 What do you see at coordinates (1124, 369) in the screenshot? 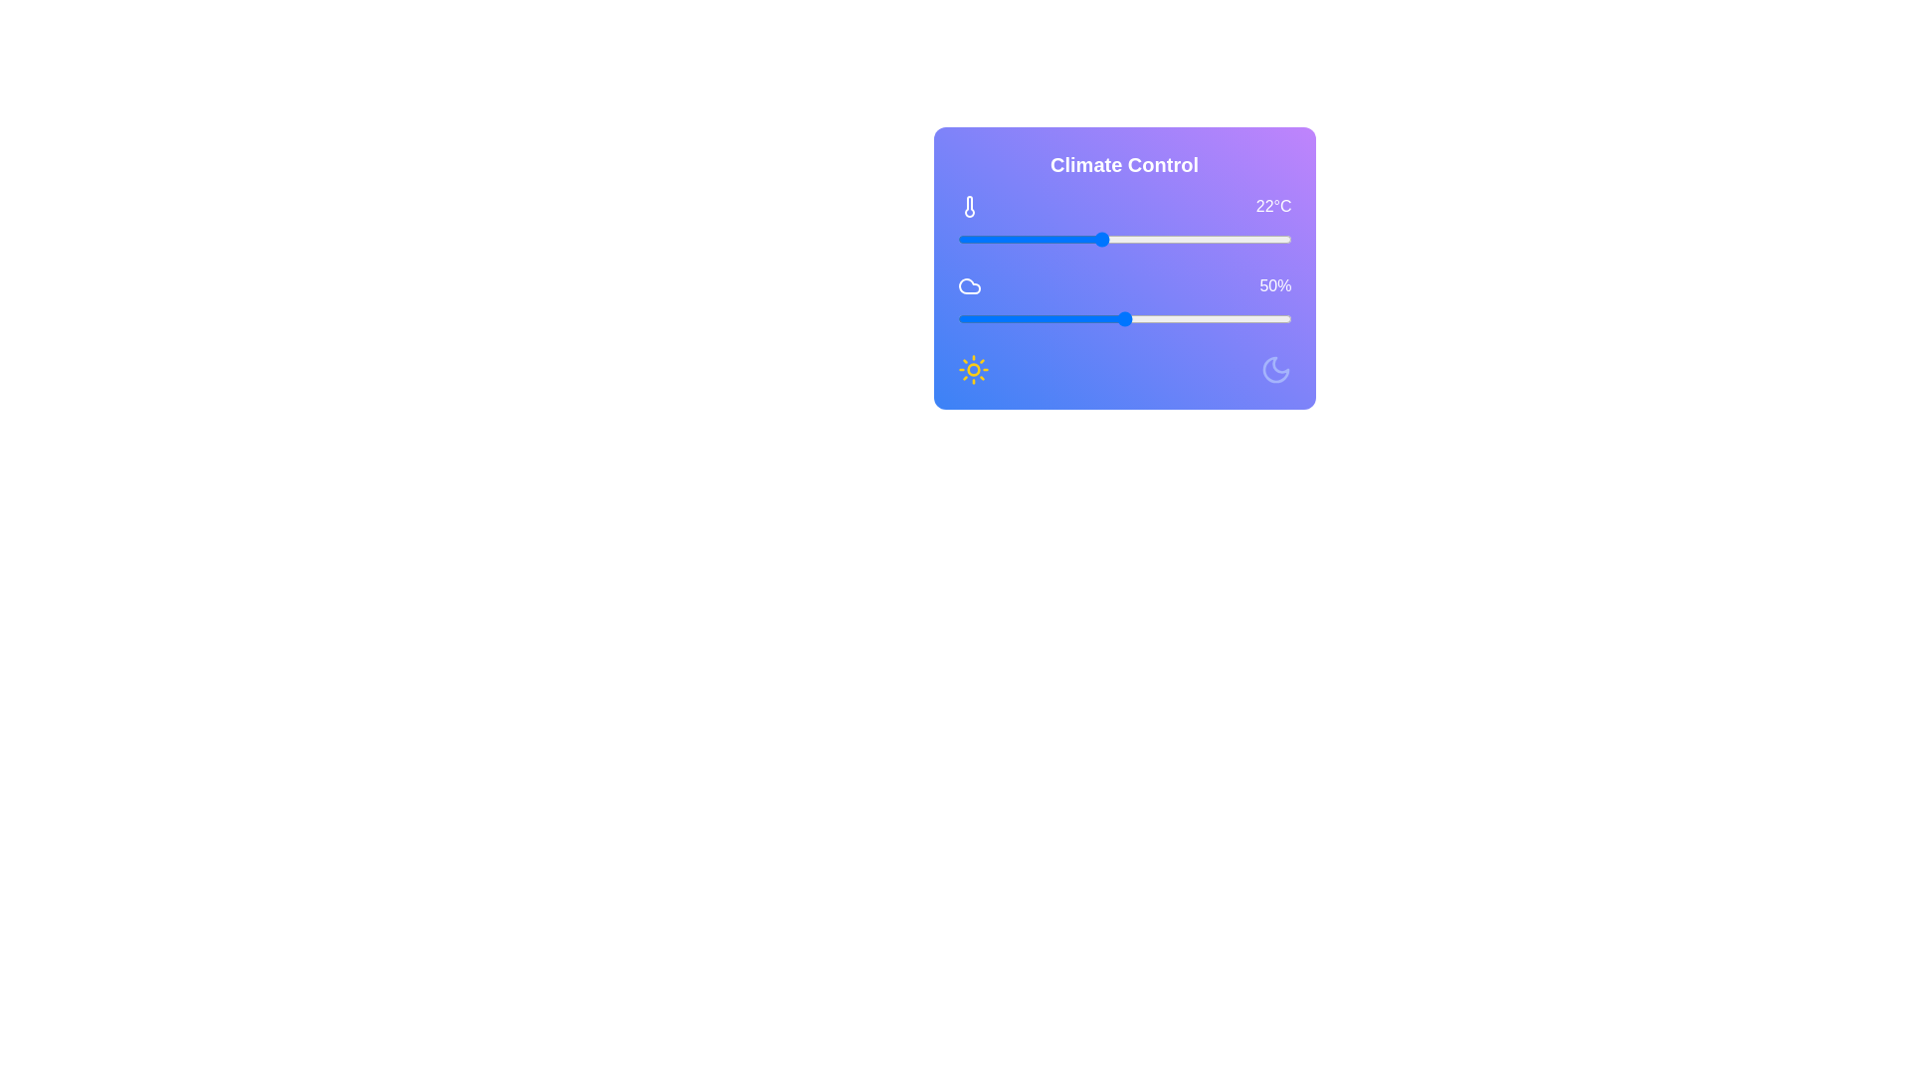
I see `the day-night toggle indicator at the bottom of the 'Climate Control' card` at bounding box center [1124, 369].